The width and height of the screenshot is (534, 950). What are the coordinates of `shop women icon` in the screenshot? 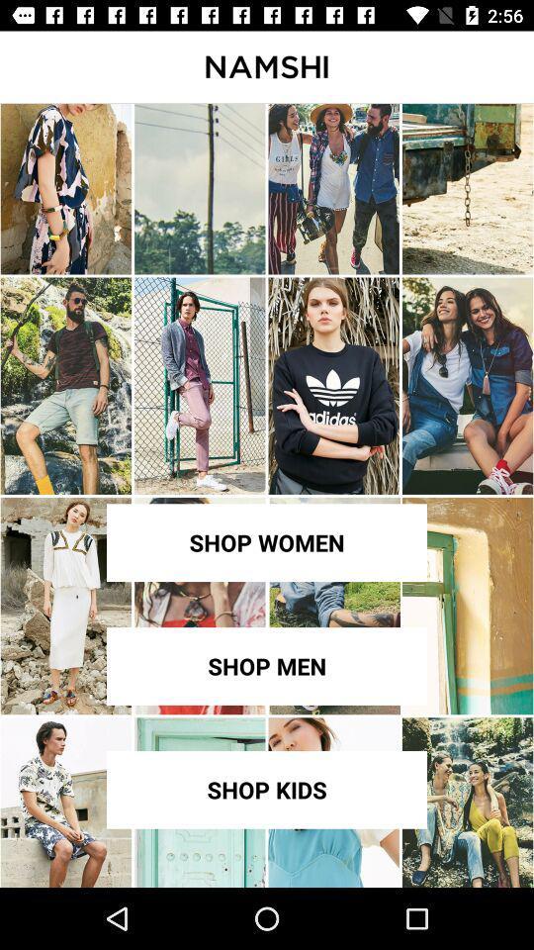 It's located at (267, 542).